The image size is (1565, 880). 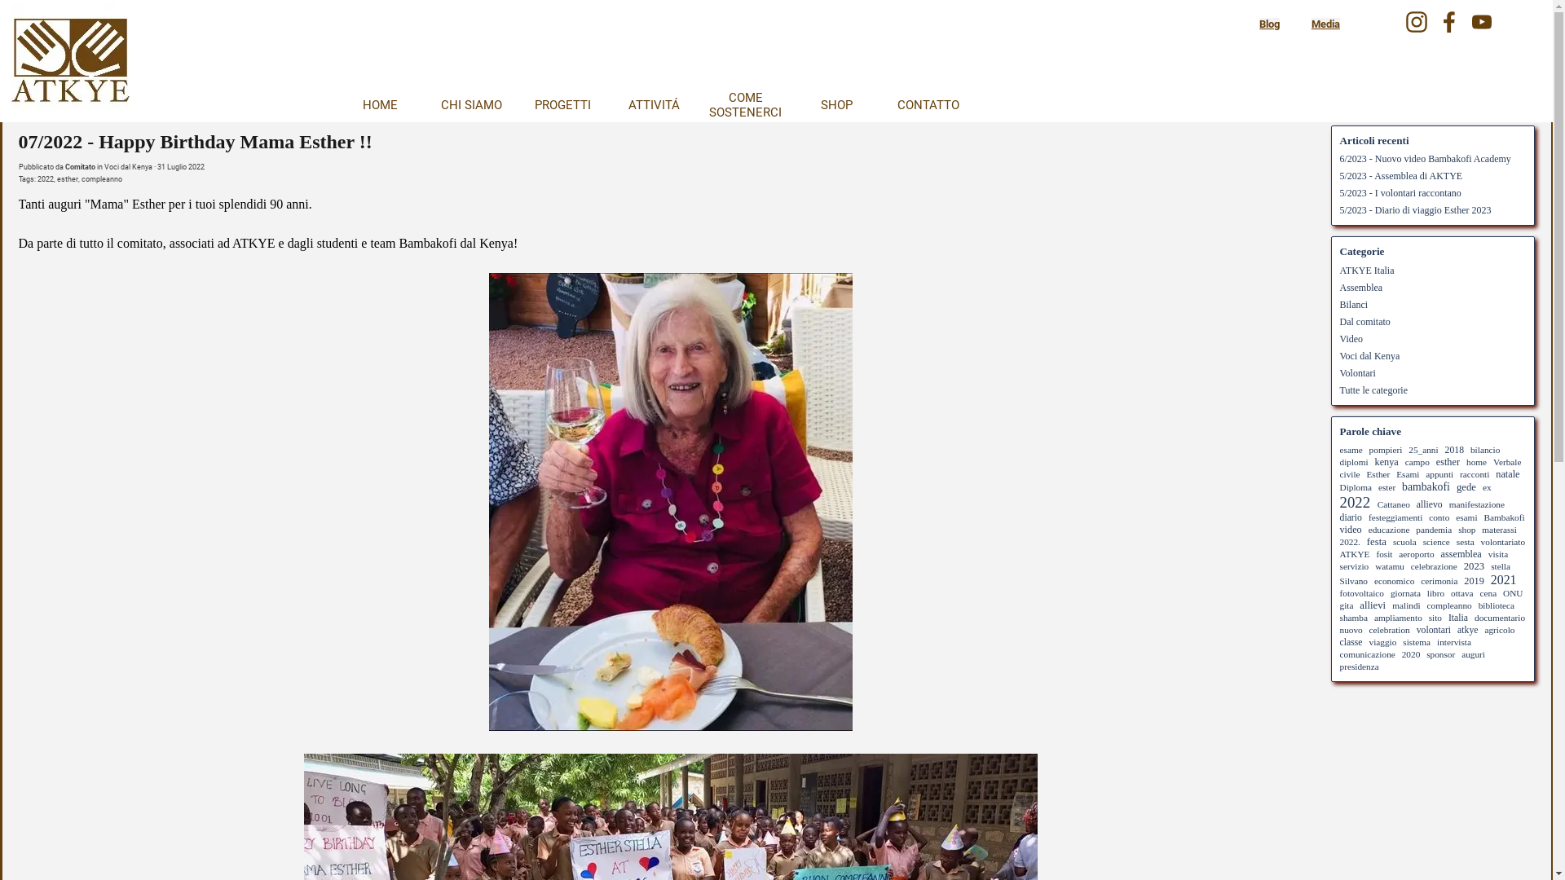 I want to click on '25_anni', so click(x=1422, y=449).